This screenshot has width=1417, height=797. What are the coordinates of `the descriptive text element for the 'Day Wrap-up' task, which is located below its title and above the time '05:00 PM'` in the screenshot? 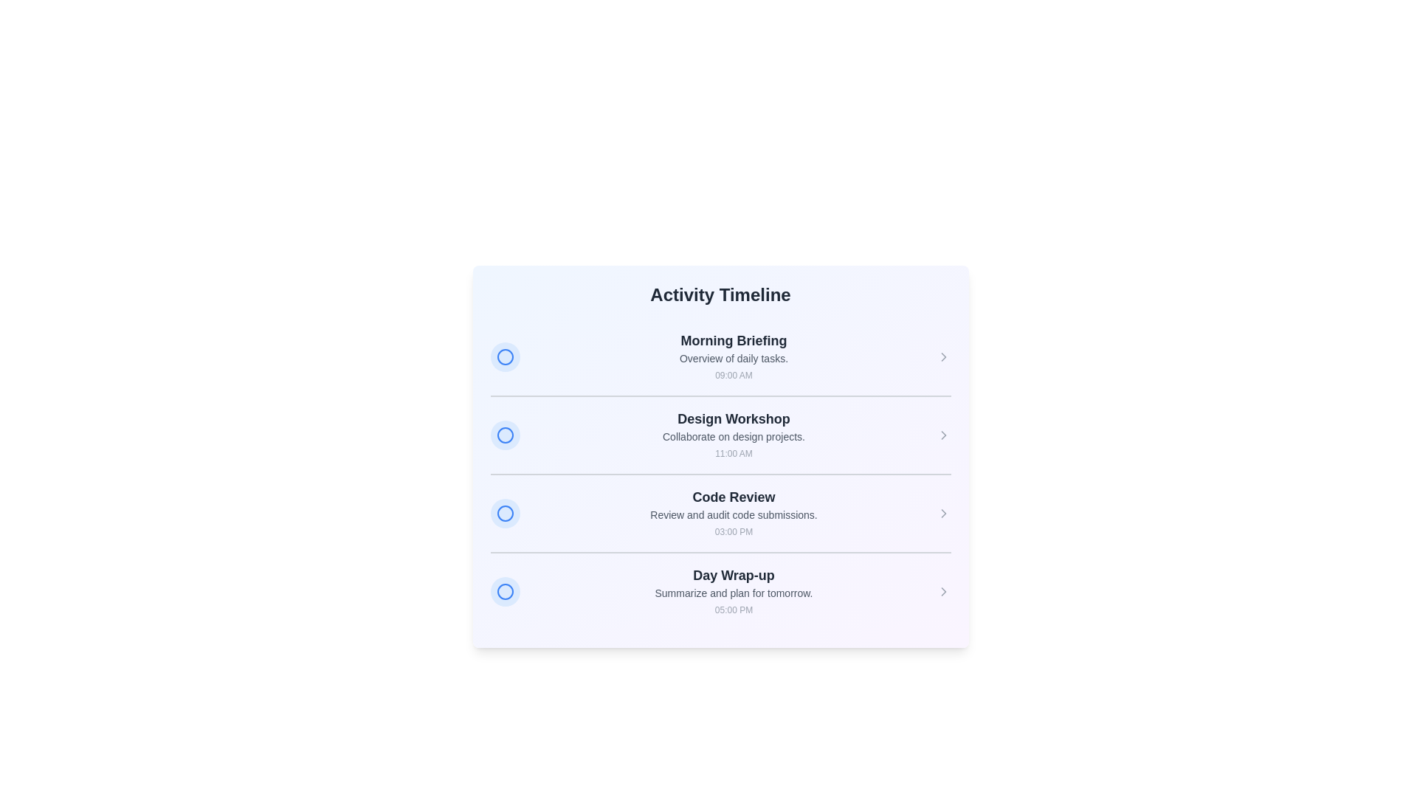 It's located at (734, 592).